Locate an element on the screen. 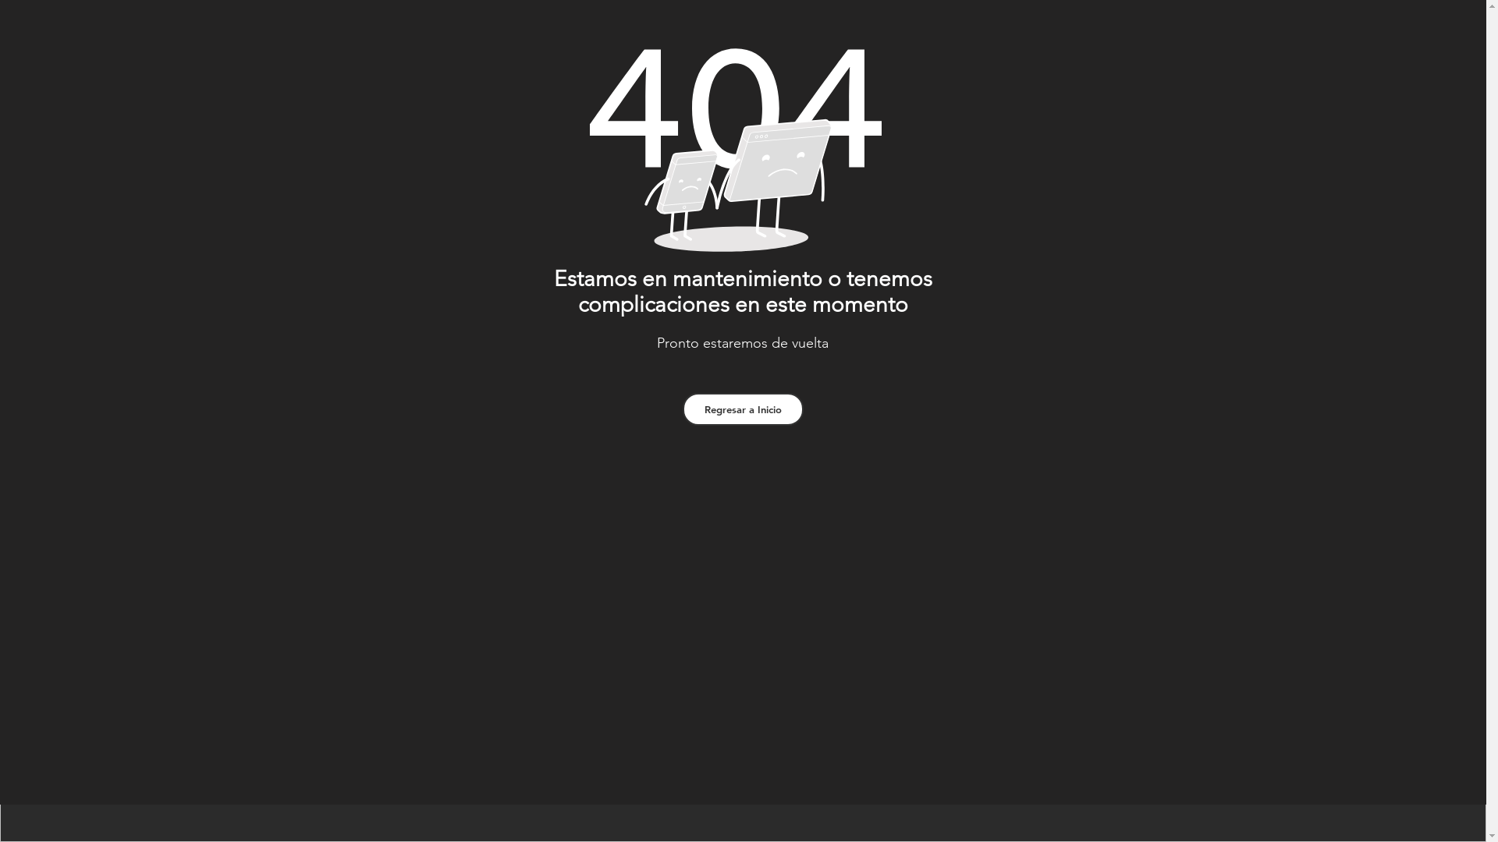  'Regresar a Inicio' is located at coordinates (741, 408).